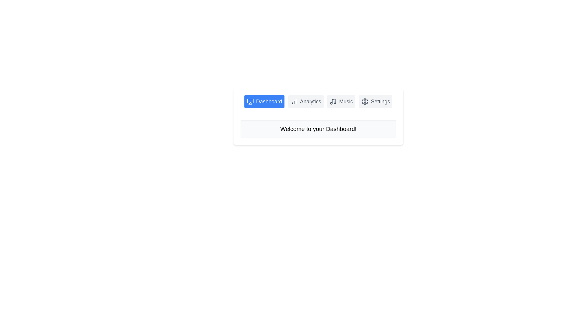 This screenshot has height=318, width=566. I want to click on the static text element that displays 'Welcome to your Dashboard!' which has a light gray background and is centered beneath the navigation bar, so click(318, 129).